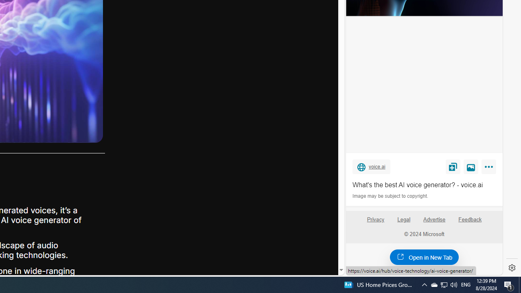  I want to click on 'Advertise', so click(433, 219).